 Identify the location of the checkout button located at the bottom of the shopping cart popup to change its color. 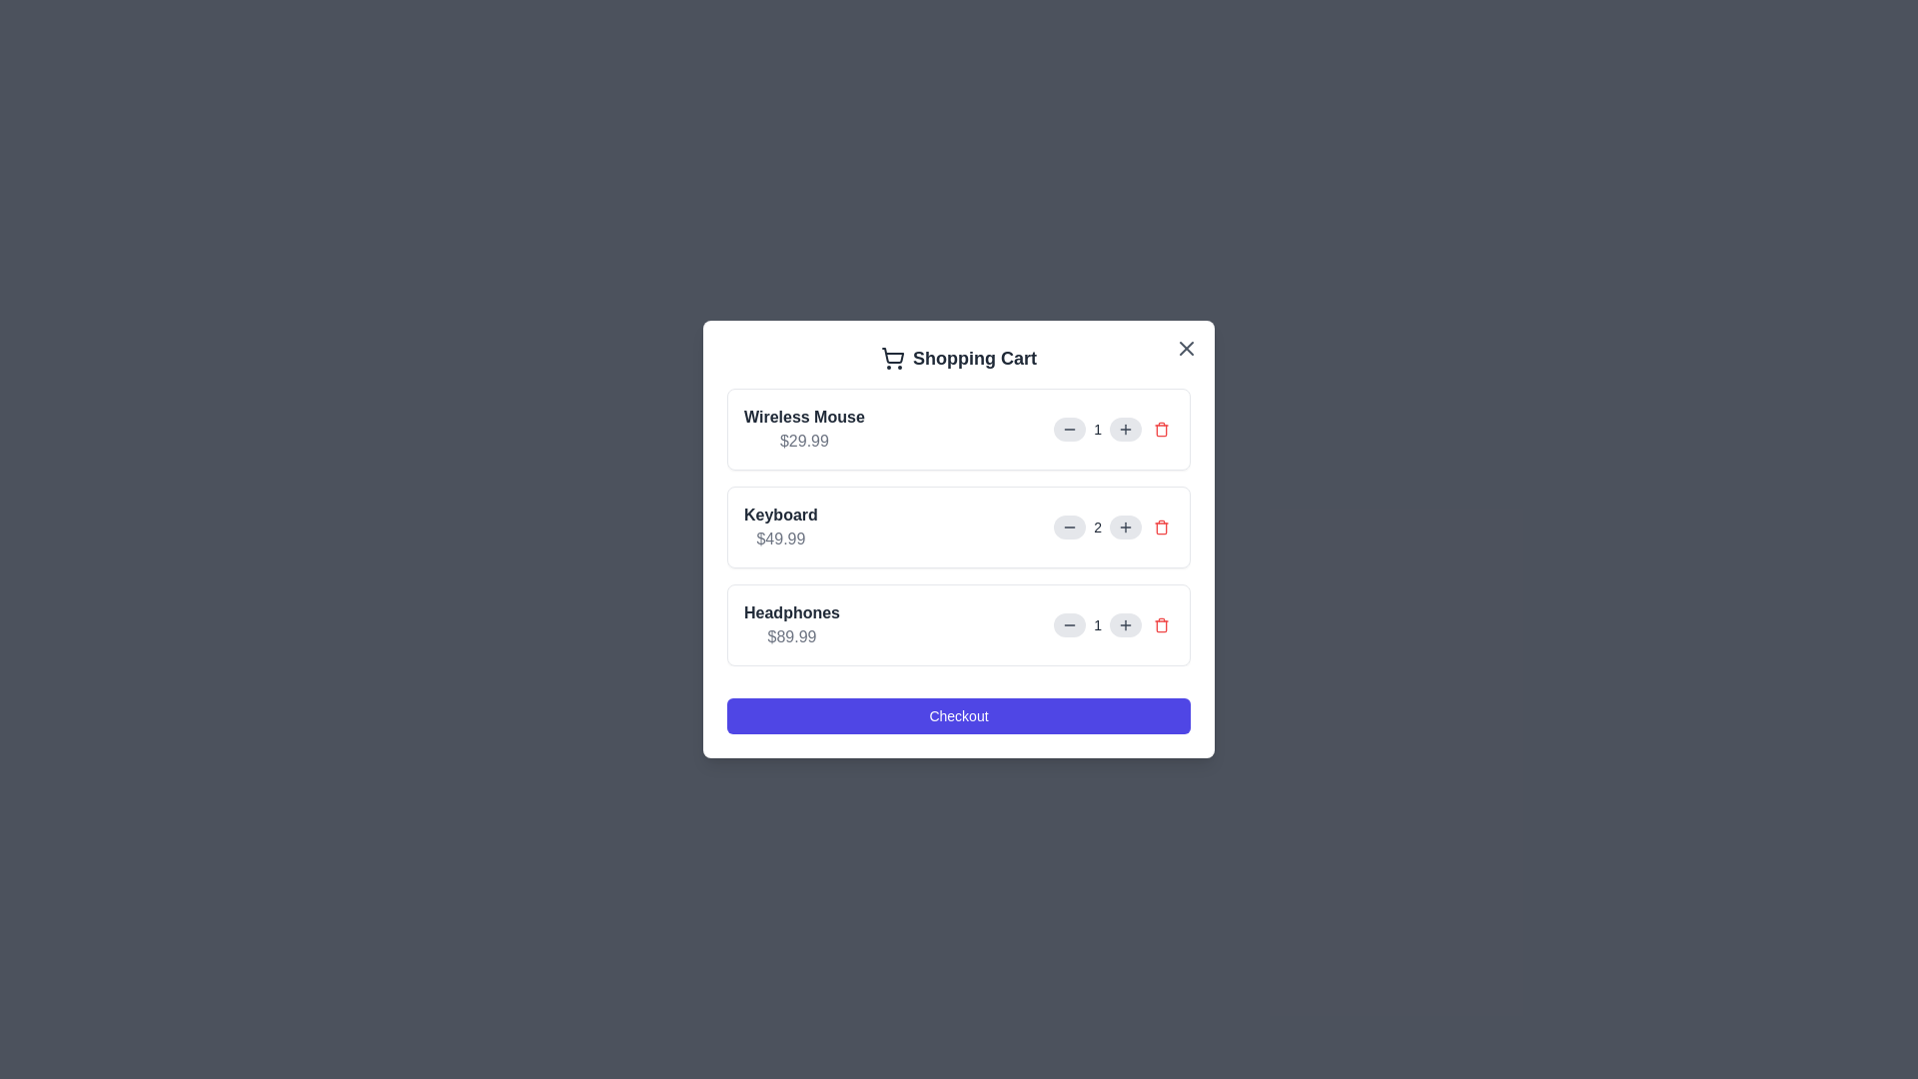
(959, 715).